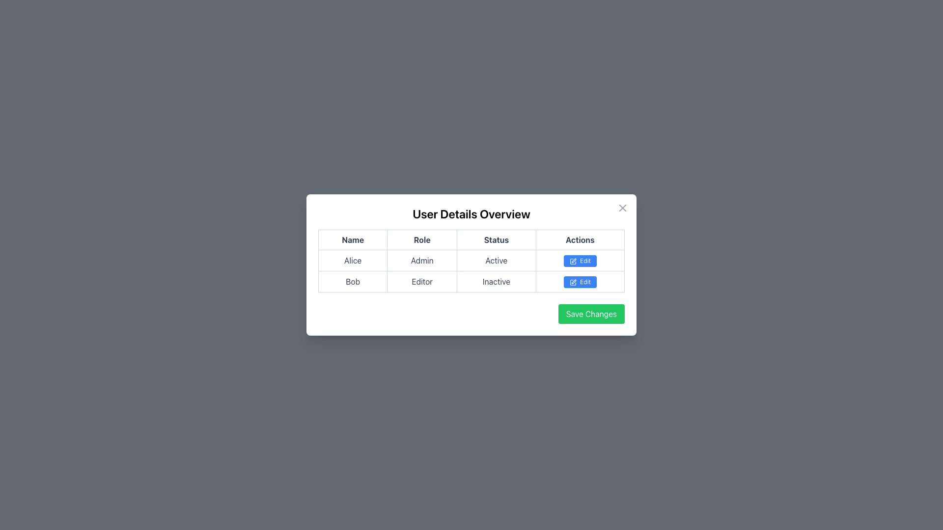 This screenshot has width=943, height=530. Describe the element at coordinates (622, 208) in the screenshot. I see `the small red-bordered 'X' close button in the top-right corner of the user details overview form` at that location.